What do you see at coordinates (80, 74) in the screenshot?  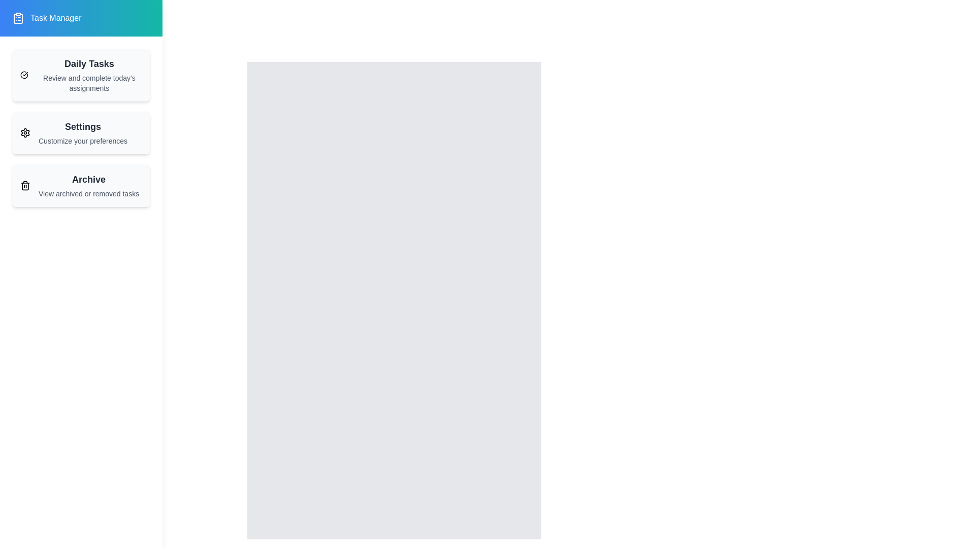 I see `the 'Daily Tasks' item to interact with it` at bounding box center [80, 74].